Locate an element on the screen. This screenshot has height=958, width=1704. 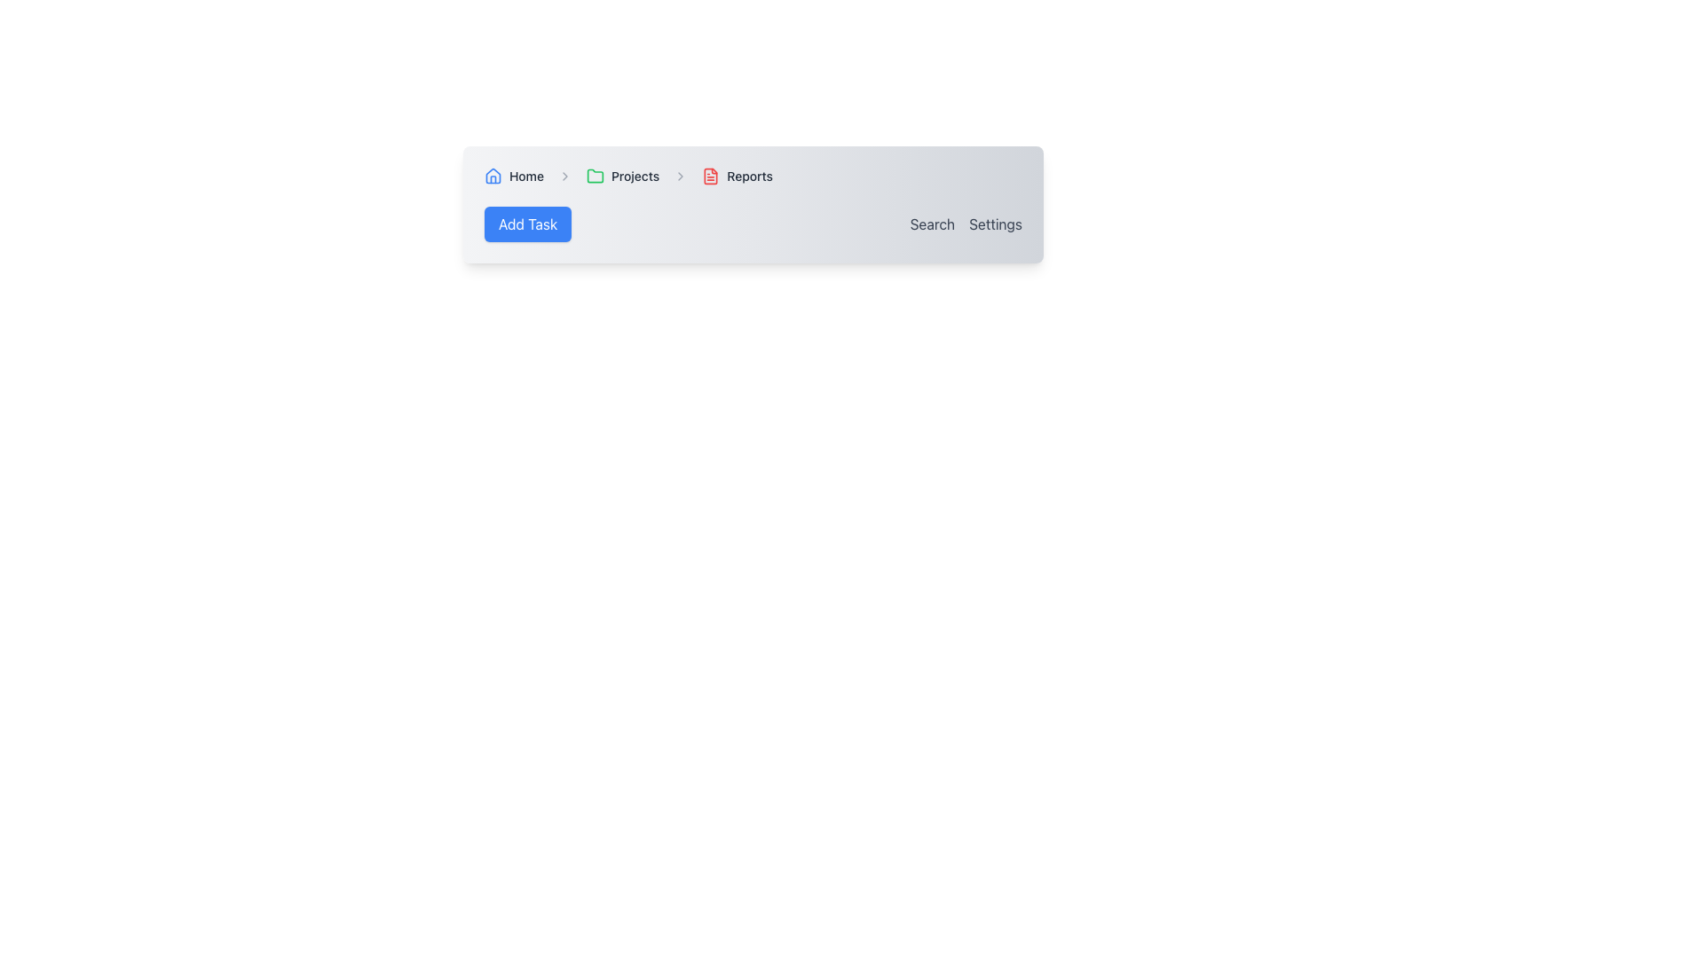
the folder icon in the breadcrumb navigation system, which is visually represented to the left of the text link 'Projects' is located at coordinates (596, 175).